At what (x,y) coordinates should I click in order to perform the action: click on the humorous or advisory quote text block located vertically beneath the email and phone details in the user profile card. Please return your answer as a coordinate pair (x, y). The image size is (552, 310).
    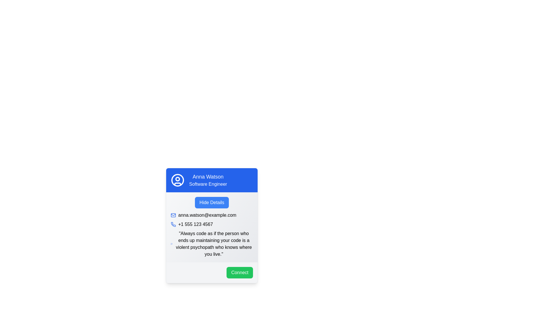
    Looking at the image, I should click on (212, 229).